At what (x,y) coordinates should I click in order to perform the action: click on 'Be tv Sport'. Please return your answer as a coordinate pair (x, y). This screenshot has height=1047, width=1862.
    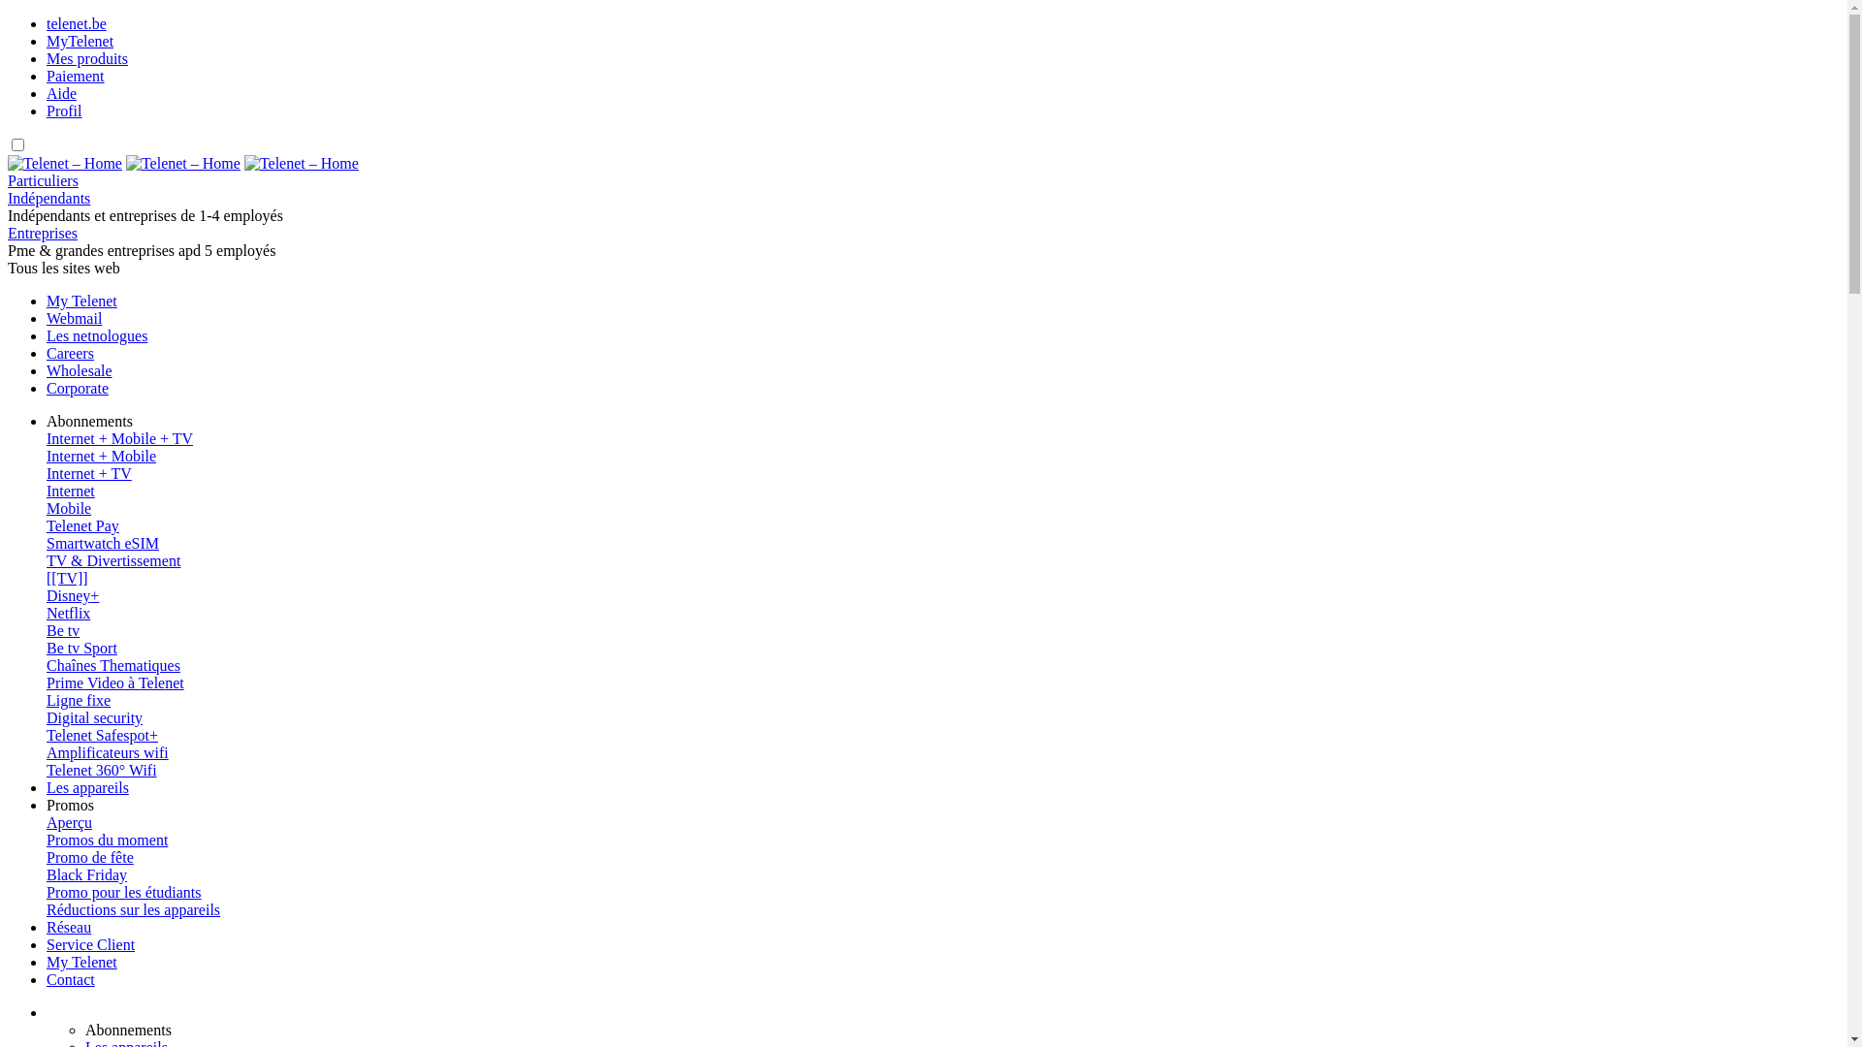
    Looking at the image, I should click on (80, 648).